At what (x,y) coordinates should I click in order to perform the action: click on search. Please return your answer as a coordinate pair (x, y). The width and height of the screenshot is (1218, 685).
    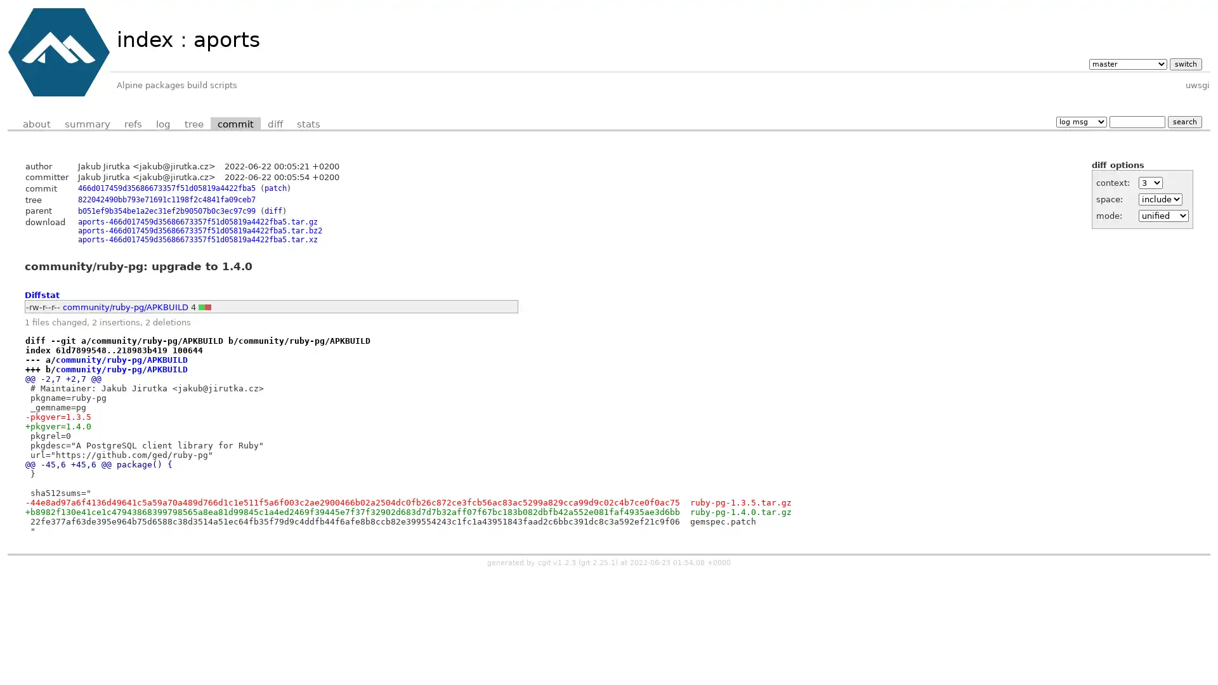
    Looking at the image, I should click on (1184, 121).